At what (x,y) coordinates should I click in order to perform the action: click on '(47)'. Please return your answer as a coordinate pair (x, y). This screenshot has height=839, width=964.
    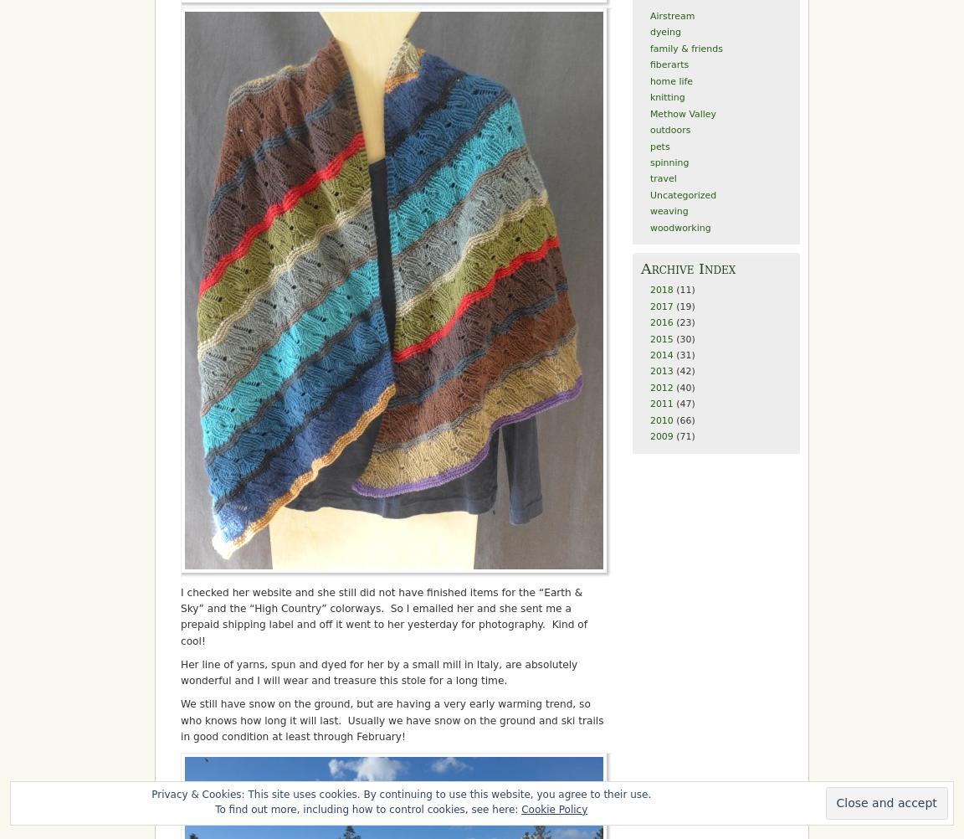
    Looking at the image, I should click on (683, 403).